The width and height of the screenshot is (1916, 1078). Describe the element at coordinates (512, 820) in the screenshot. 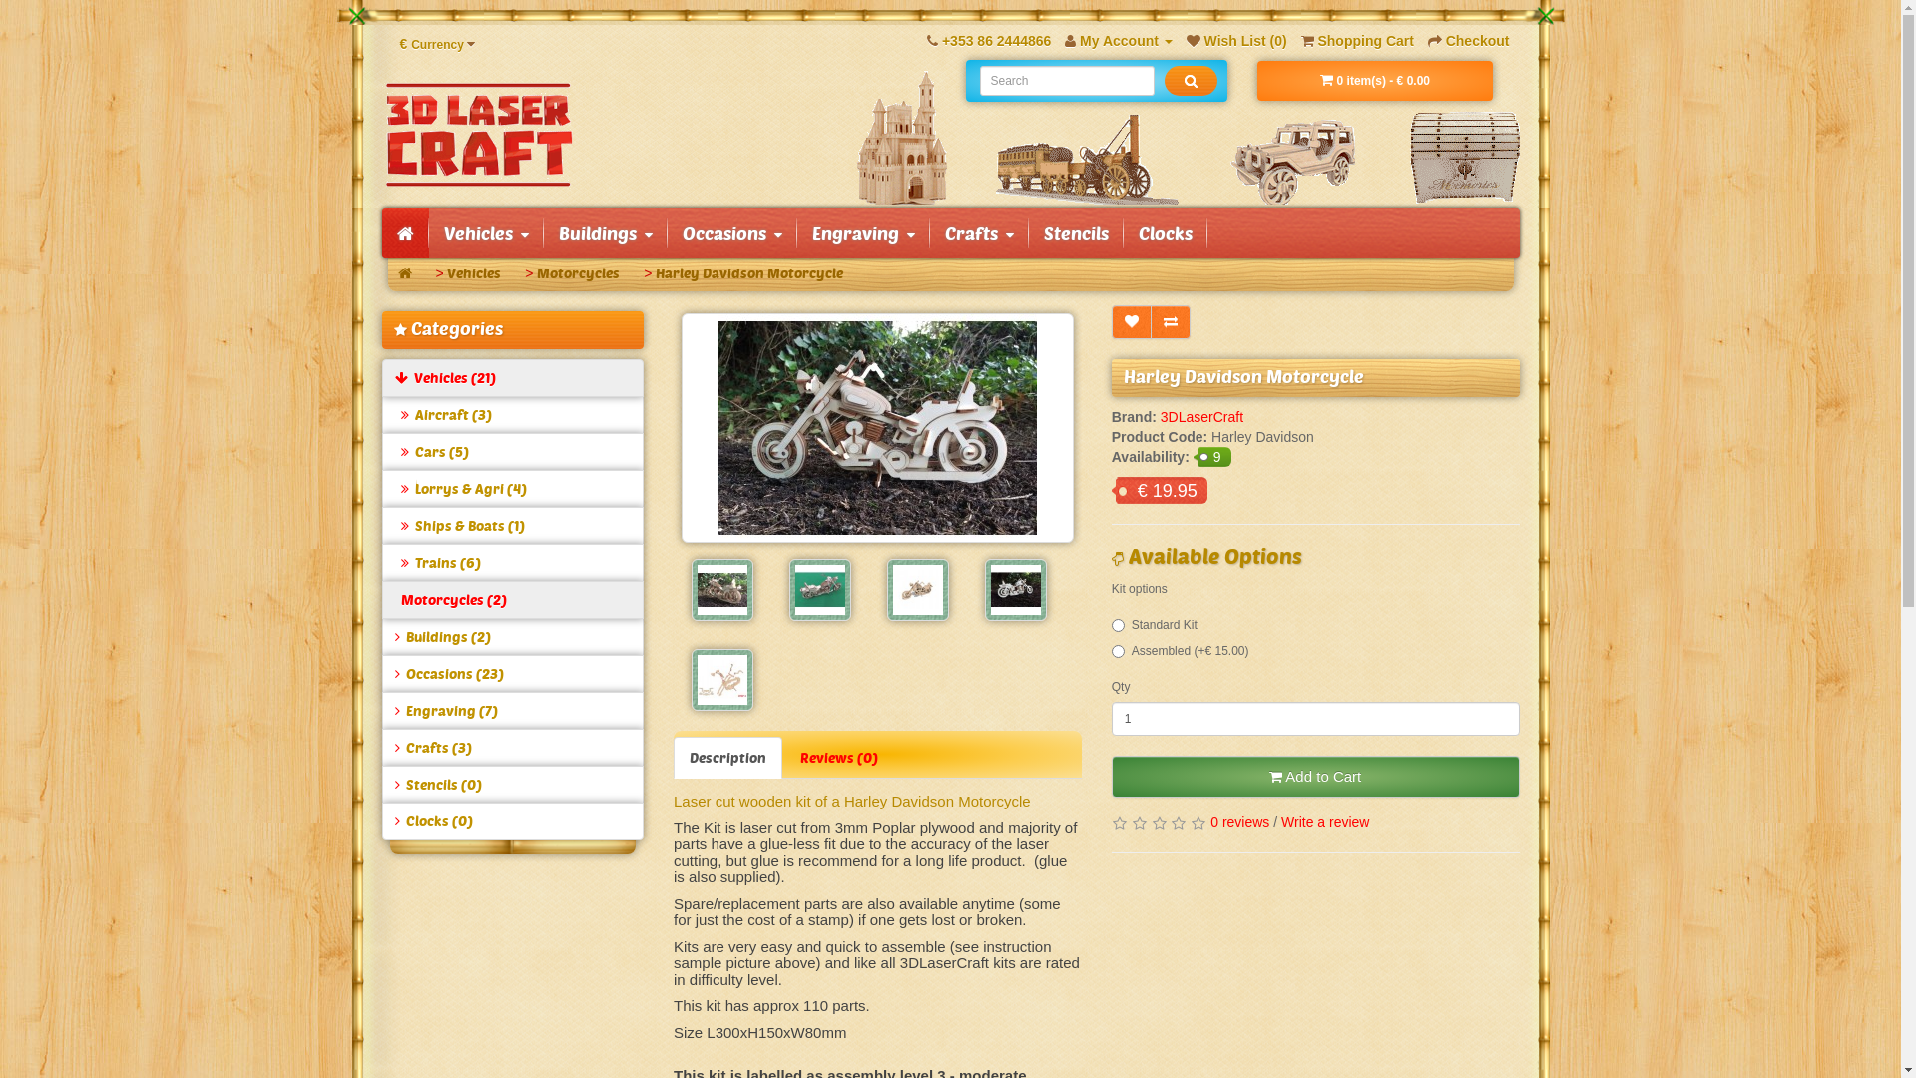

I see `'  Clocks (0)'` at that location.